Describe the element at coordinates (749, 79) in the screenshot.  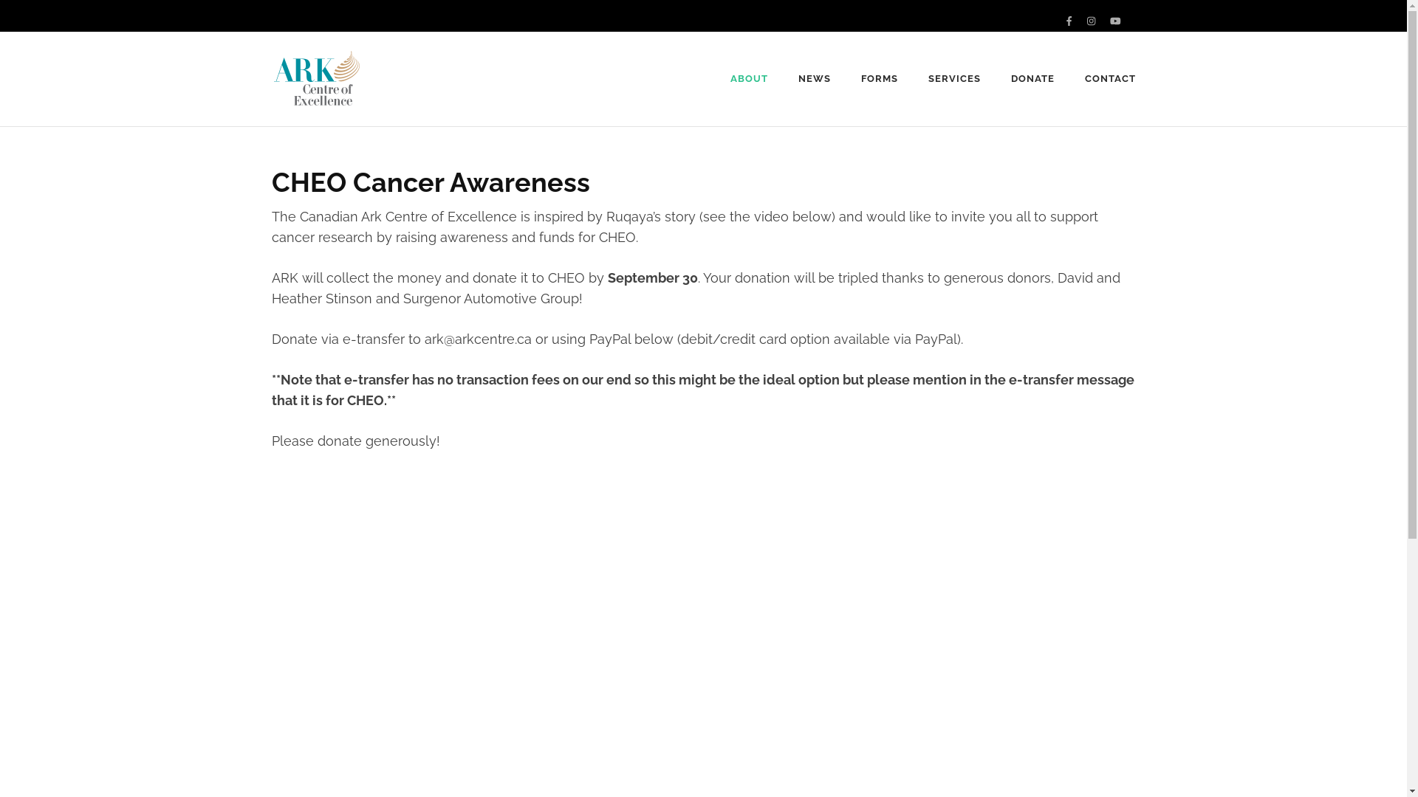
I see `'ABOUT'` at that location.